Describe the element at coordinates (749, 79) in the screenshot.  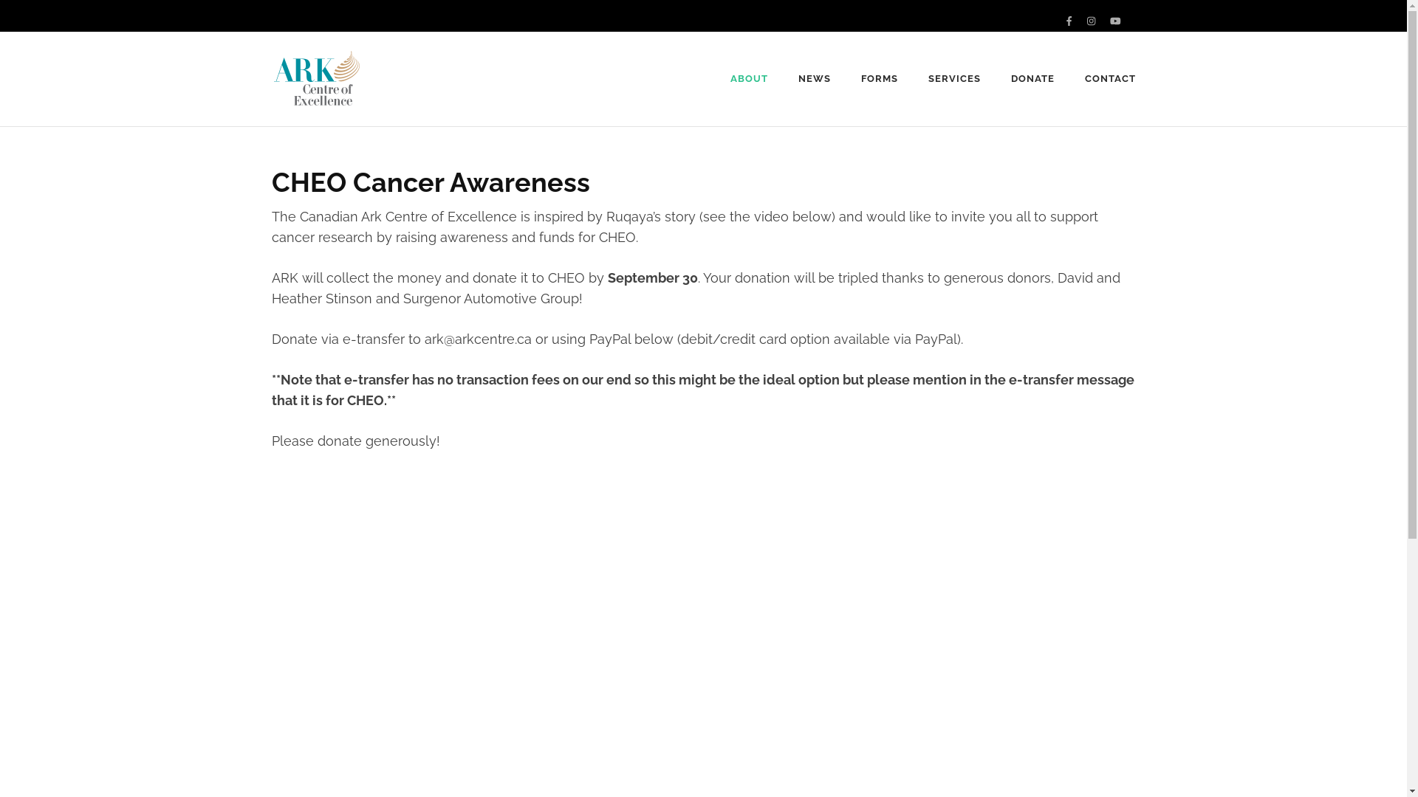
I see `'ABOUT'` at that location.